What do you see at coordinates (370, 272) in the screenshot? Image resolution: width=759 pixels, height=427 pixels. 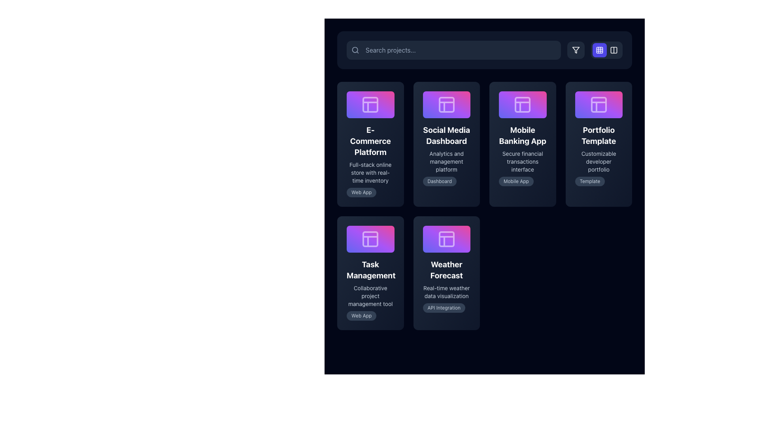 I see `the 'Task Management' interactive card located at the center coordinates to filter by category` at bounding box center [370, 272].